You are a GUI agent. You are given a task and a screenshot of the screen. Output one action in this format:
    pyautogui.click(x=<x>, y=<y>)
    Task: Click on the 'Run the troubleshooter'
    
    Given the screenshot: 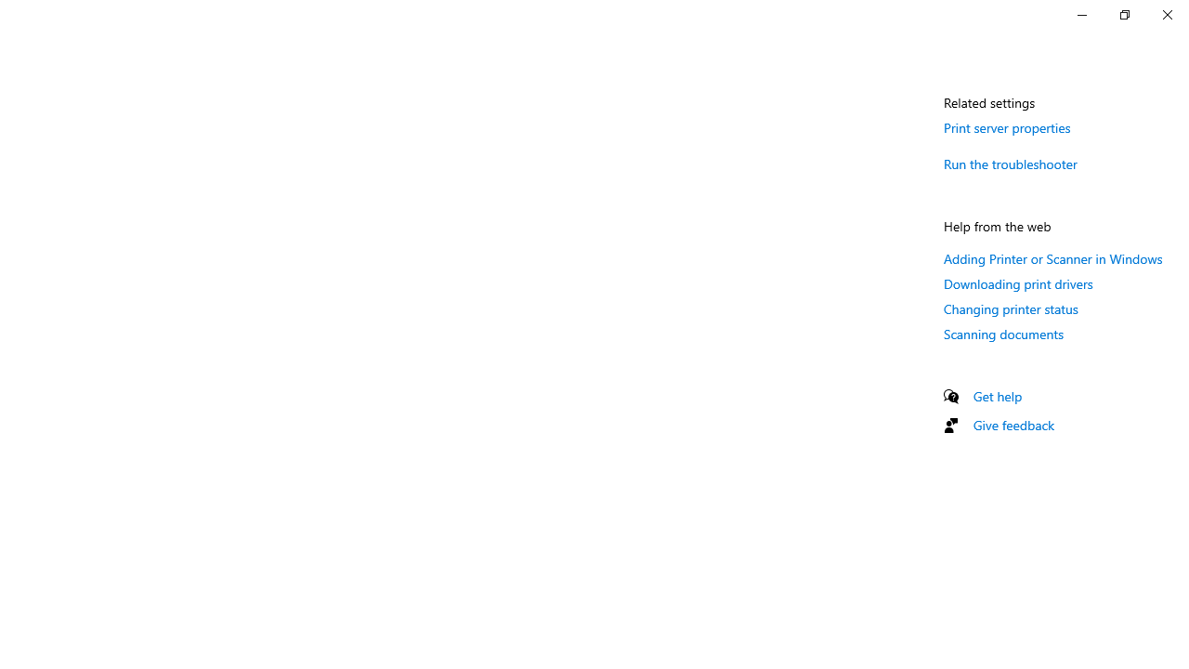 What is the action you would take?
    pyautogui.click(x=1010, y=163)
    